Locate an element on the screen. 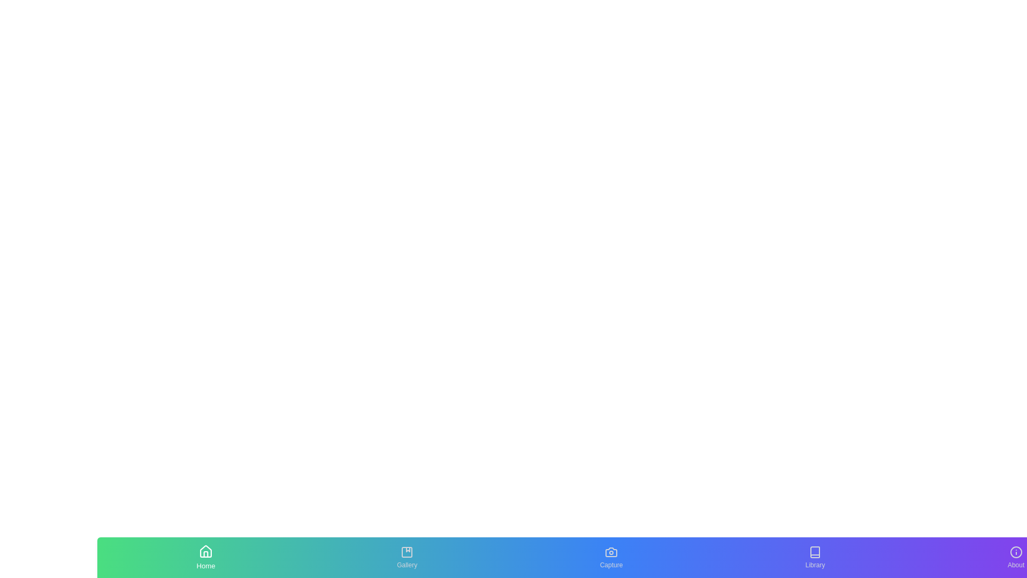 The image size is (1027, 578). the tab labeled Library to inspect its text is located at coordinates (815, 557).